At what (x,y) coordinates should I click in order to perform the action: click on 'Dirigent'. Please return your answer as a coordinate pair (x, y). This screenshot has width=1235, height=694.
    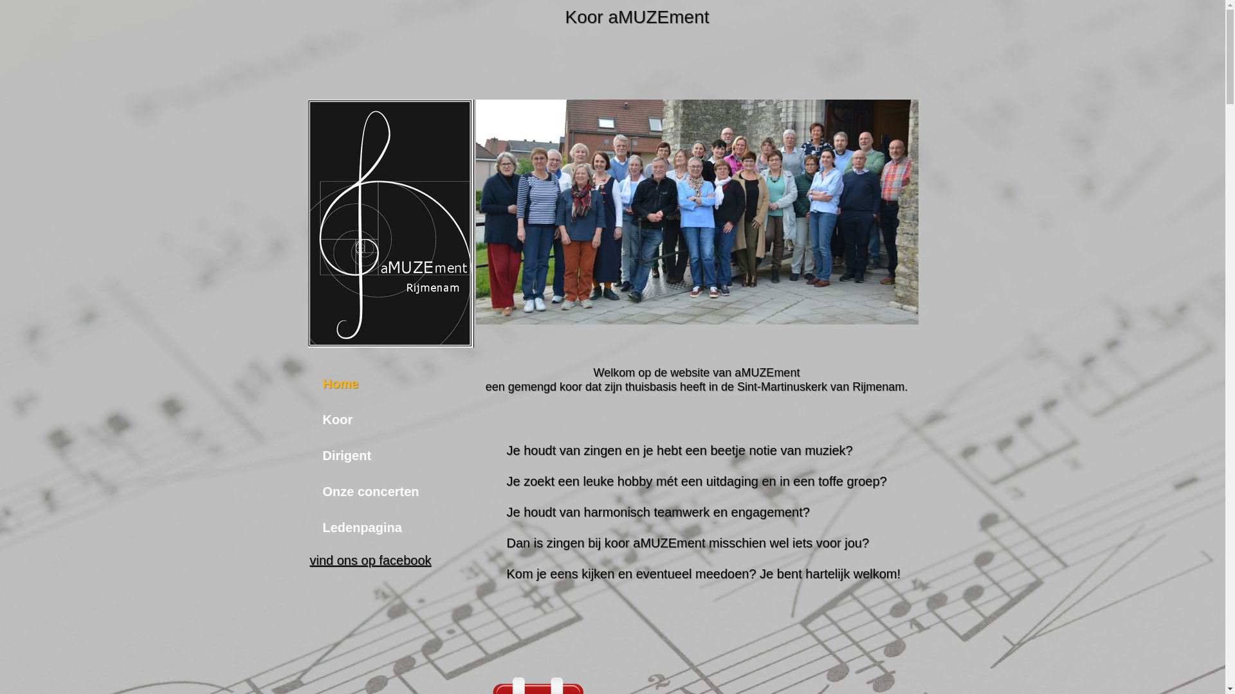
    Looking at the image, I should click on (370, 455).